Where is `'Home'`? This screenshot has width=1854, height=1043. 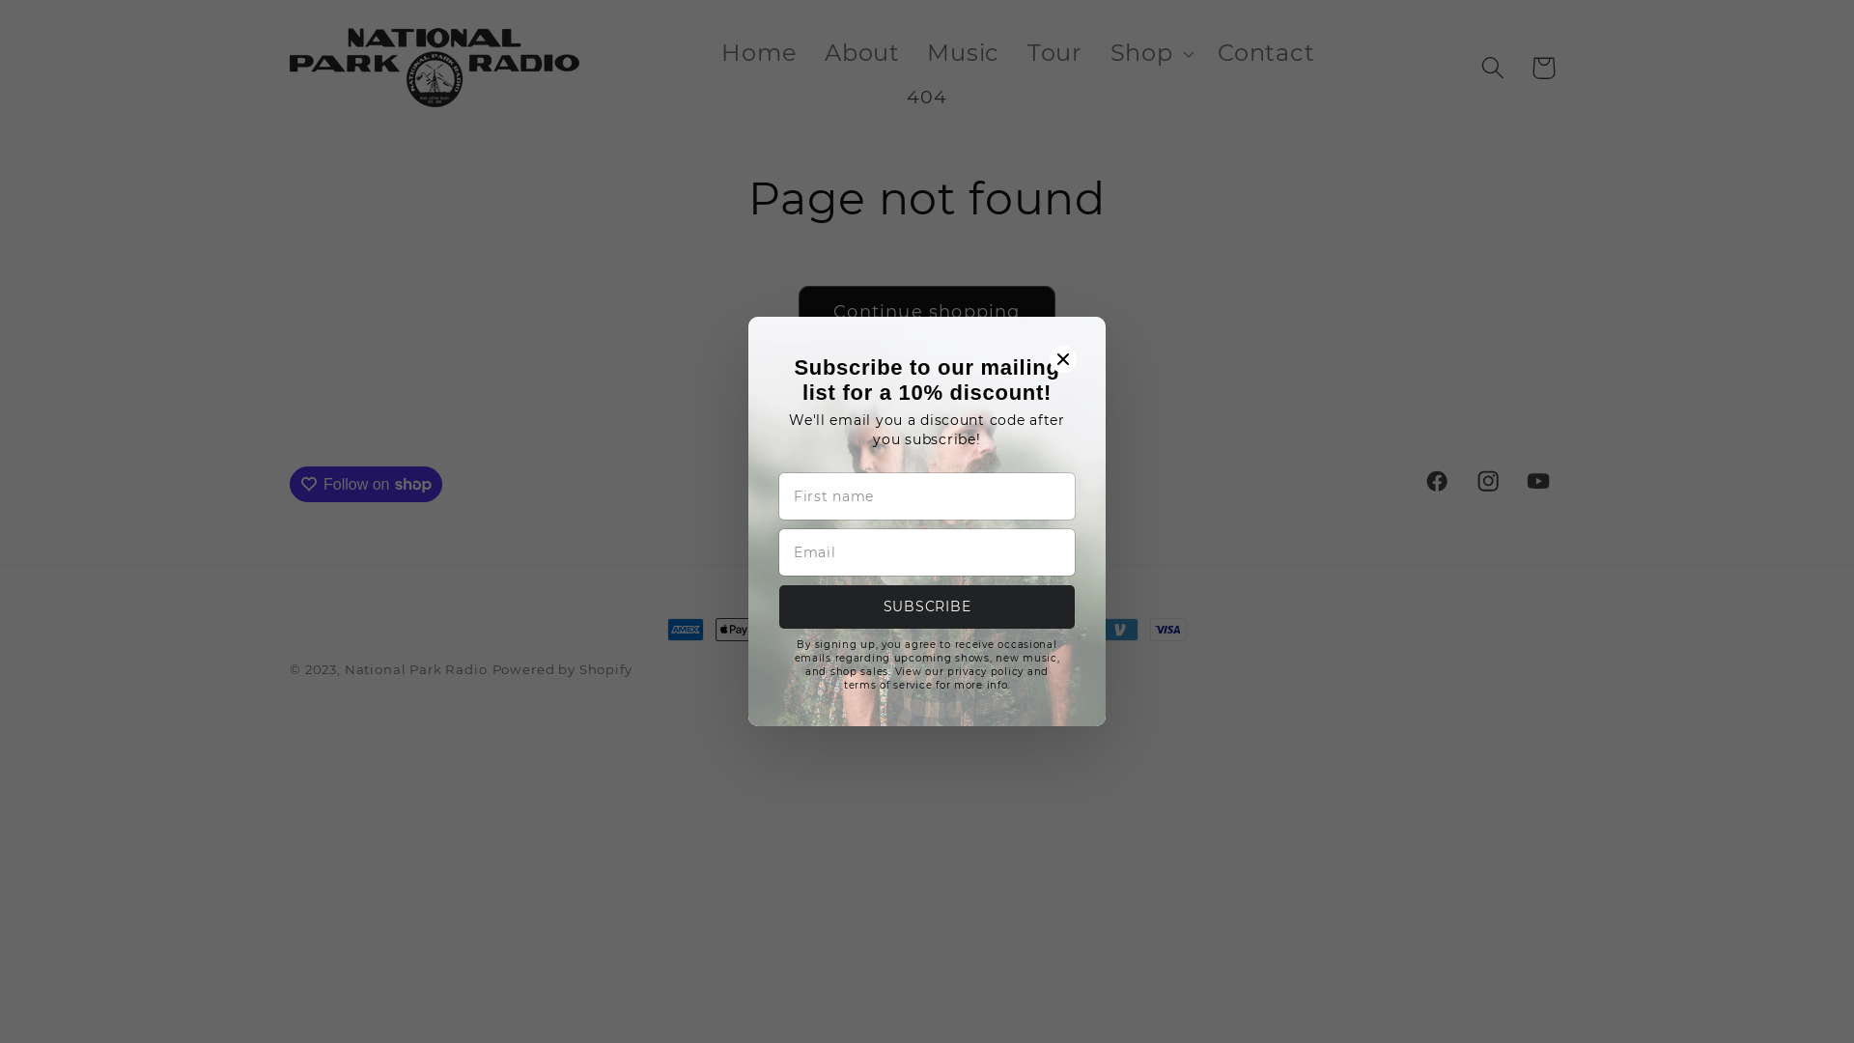 'Home' is located at coordinates (758, 52).